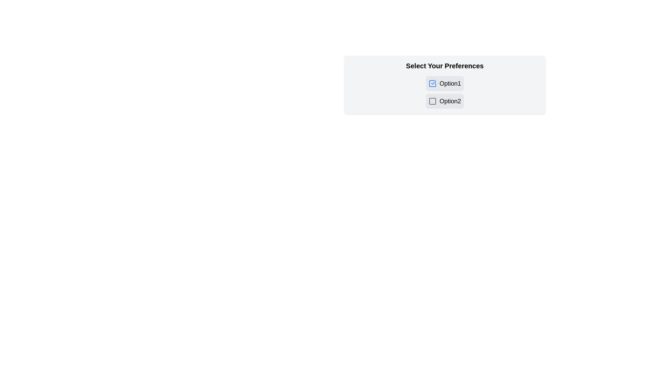 Image resolution: width=653 pixels, height=367 pixels. What do you see at coordinates (432, 101) in the screenshot?
I see `the checkbox that indicates the 'Option 2' preference, which is located to the left of the text label within the 'Option 2' component` at bounding box center [432, 101].